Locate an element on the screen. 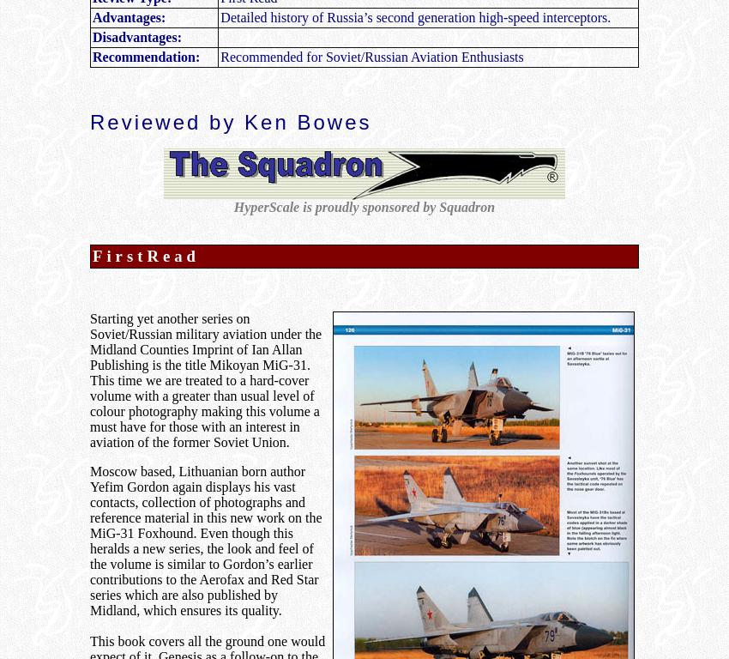 This screenshot has height=659, width=729. 'Moscow based, Lithuanian born author Yefim Gordon again displays 
			his vast contacts, collection of photographs and reference material 
			in this new work on the MiG-31 Foxhound. Even though this heralds a 
			new series, the look and feel of the volume is similar to Gordon’s 
			earlier contributions to the Aerofax and Red Star series which are 
			also published by Midland, which ensures its quality.' is located at coordinates (206, 541).